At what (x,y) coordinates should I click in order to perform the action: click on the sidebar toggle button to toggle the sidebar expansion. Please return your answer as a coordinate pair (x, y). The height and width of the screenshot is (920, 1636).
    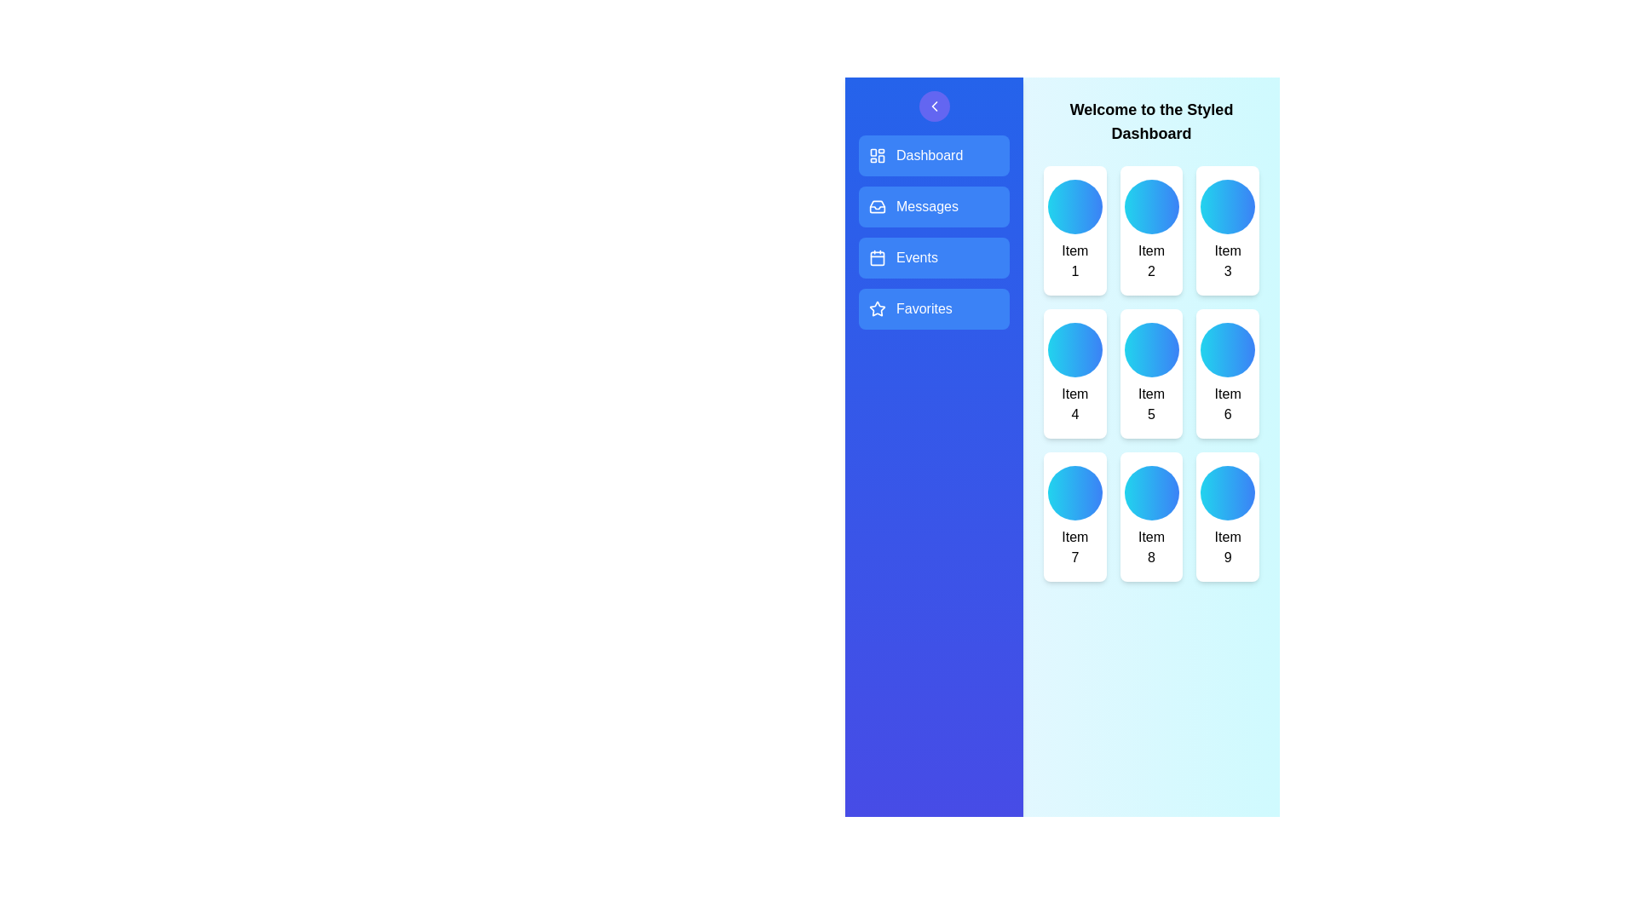
    Looking at the image, I should click on (932, 106).